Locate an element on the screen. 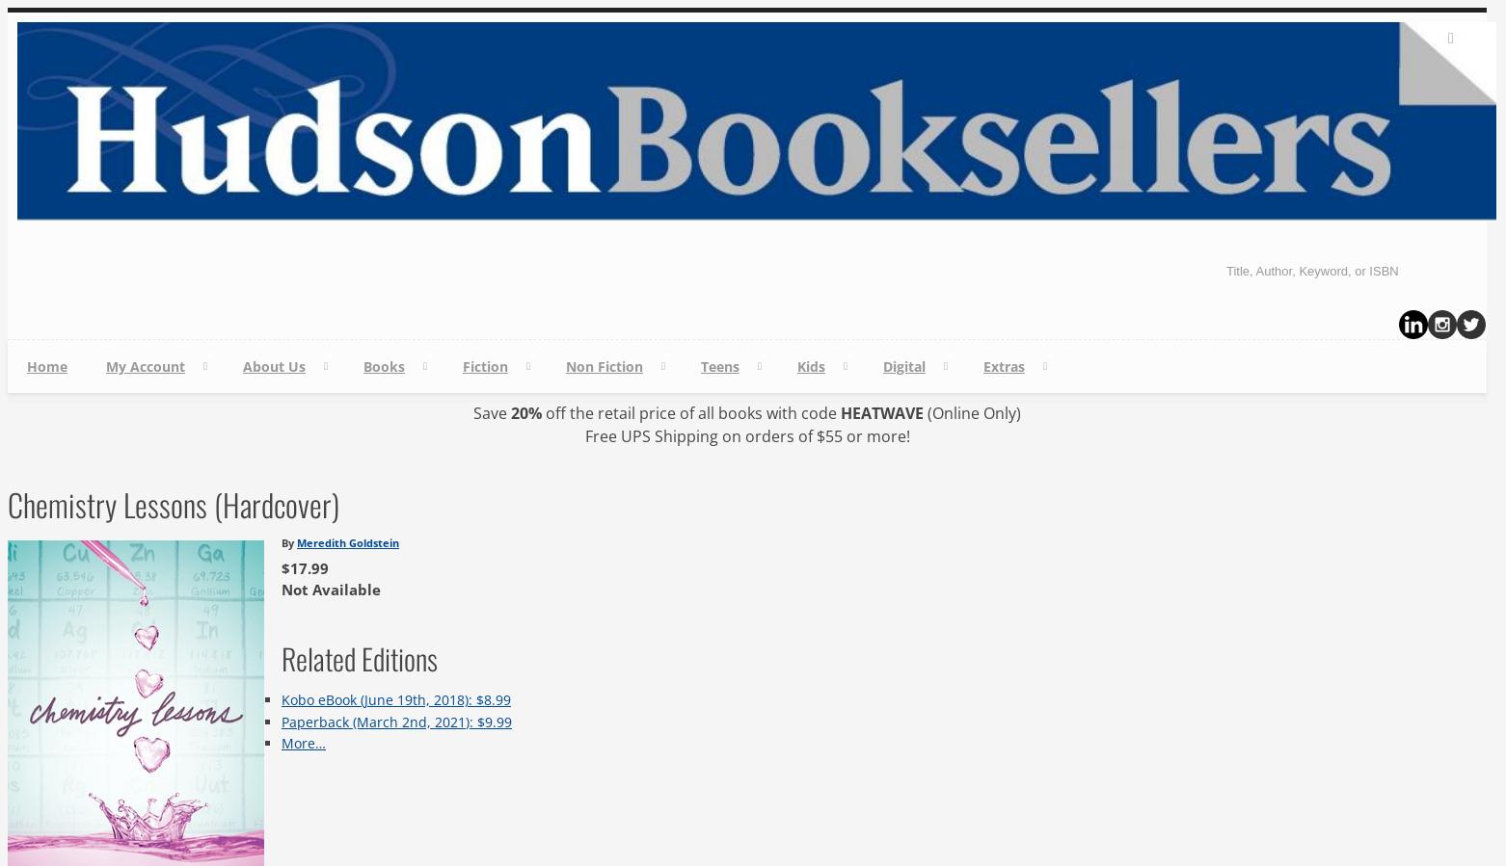  'Save' is located at coordinates (471, 412).